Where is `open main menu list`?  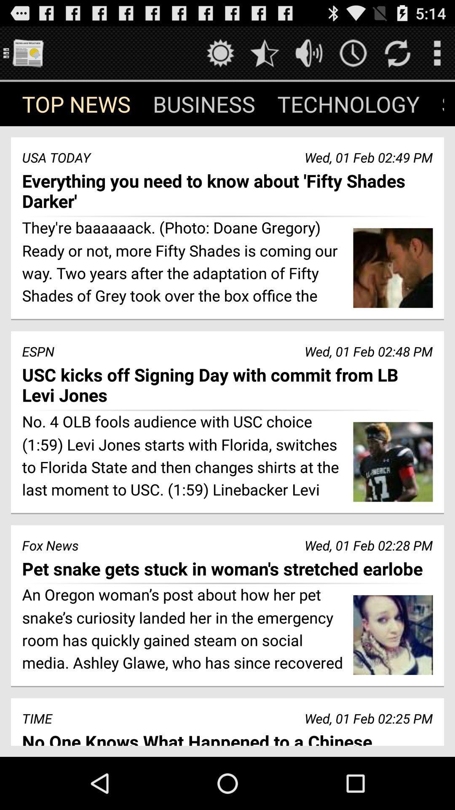 open main menu list is located at coordinates (27, 52).